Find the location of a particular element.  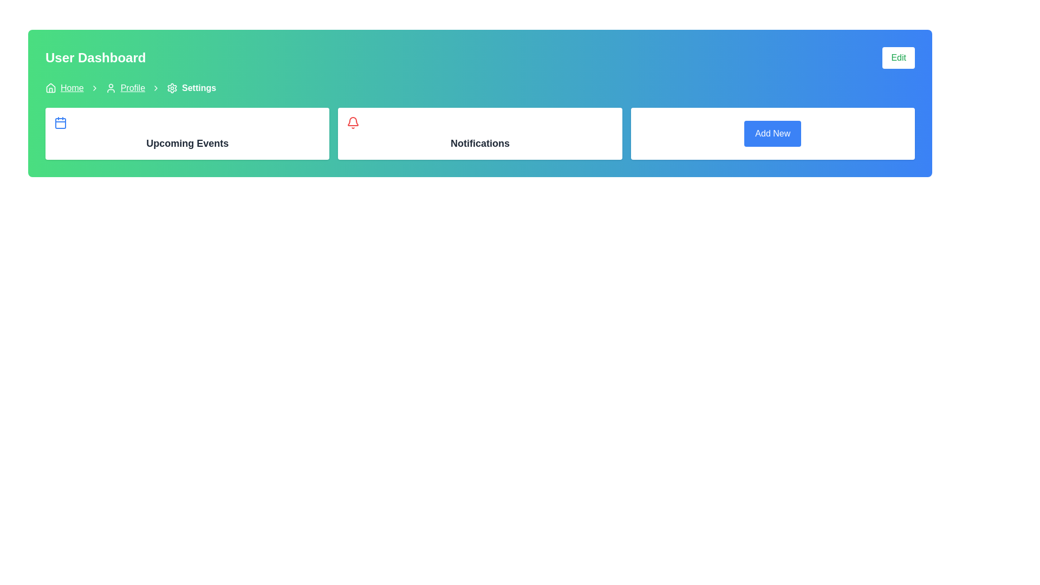

the 'Profile' text link, which is underlined and styled for interactivity, located in the navigation bar to the right of the user icon is located at coordinates (132, 87).